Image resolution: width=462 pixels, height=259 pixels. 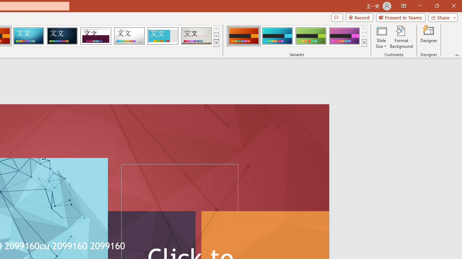 I want to click on 'Frame', so click(x=162, y=36).